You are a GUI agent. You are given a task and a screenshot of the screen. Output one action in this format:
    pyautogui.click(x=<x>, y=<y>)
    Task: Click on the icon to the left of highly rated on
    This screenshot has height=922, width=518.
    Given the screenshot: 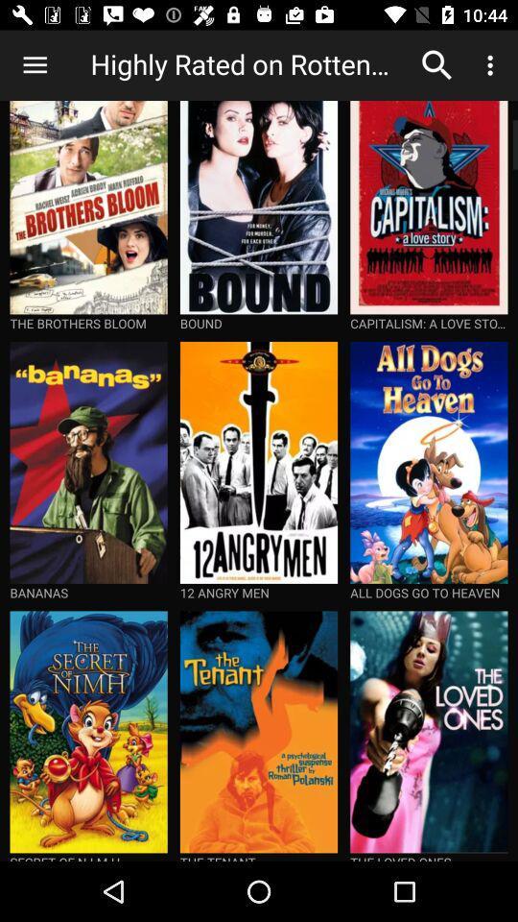 What is the action you would take?
    pyautogui.click(x=35, y=65)
    